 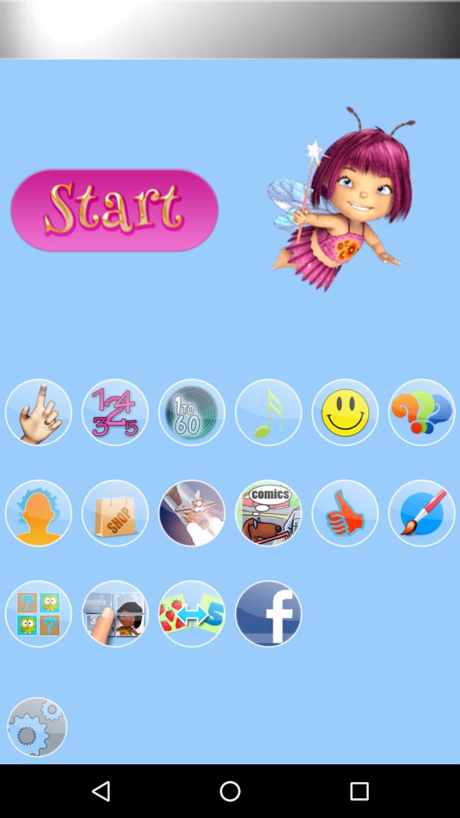 I want to click on the 3rd image from left in the second row of symbols below start, so click(x=192, y=513).